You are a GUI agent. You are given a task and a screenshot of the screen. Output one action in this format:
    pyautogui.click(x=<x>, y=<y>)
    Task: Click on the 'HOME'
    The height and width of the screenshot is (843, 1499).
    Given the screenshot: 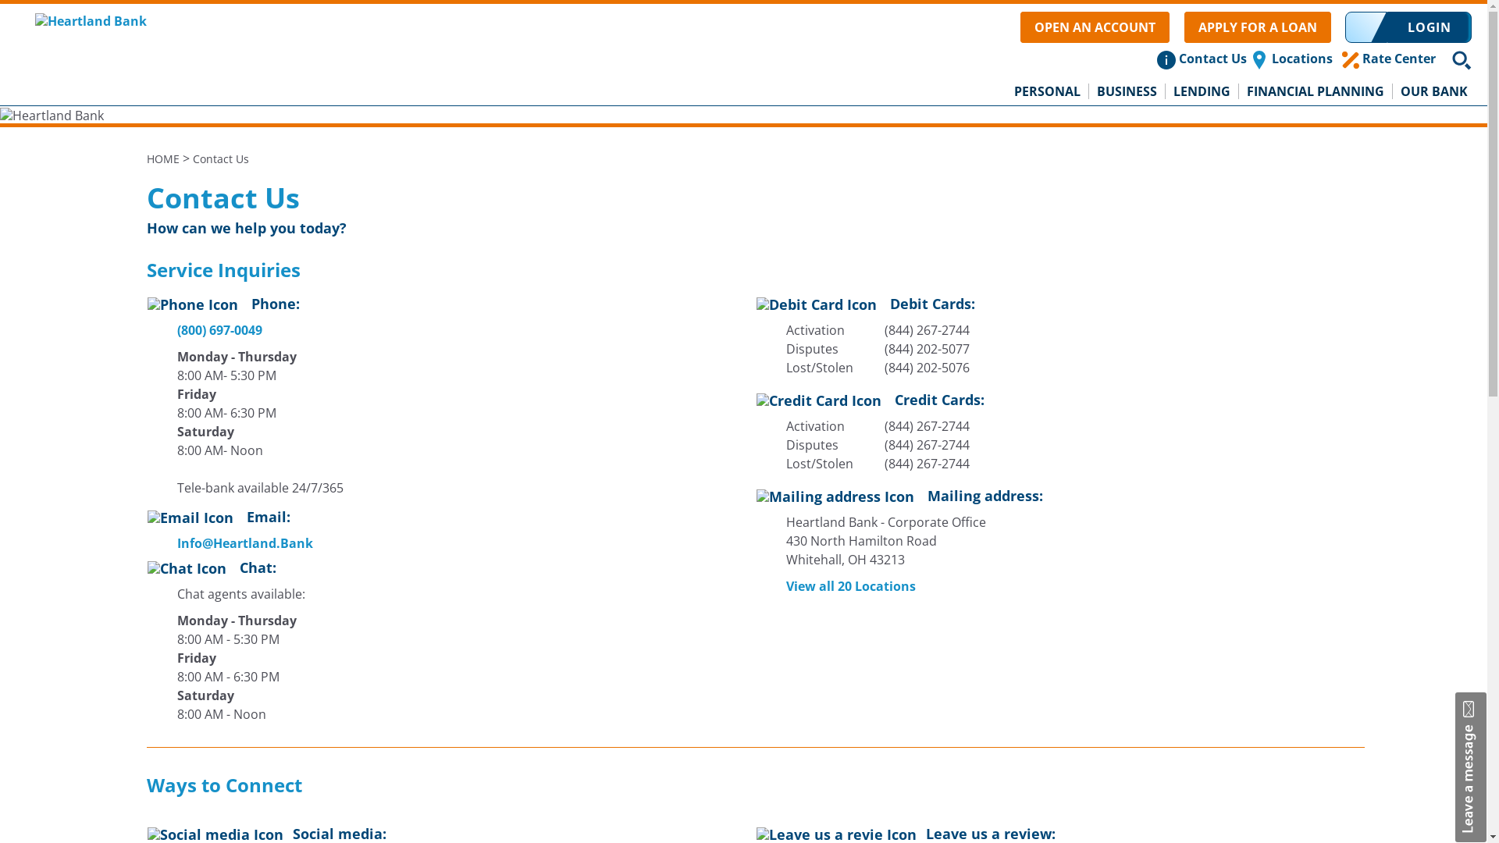 What is the action you would take?
    pyautogui.click(x=163, y=158)
    